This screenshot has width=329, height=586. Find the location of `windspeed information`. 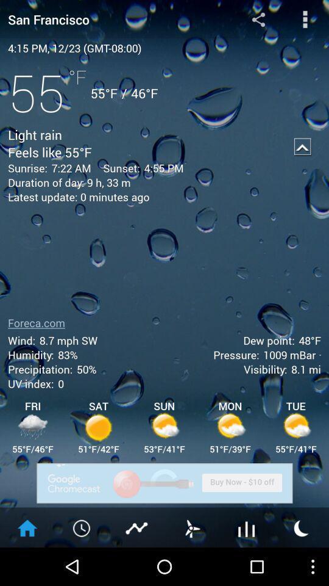

windspeed information is located at coordinates (191, 527).